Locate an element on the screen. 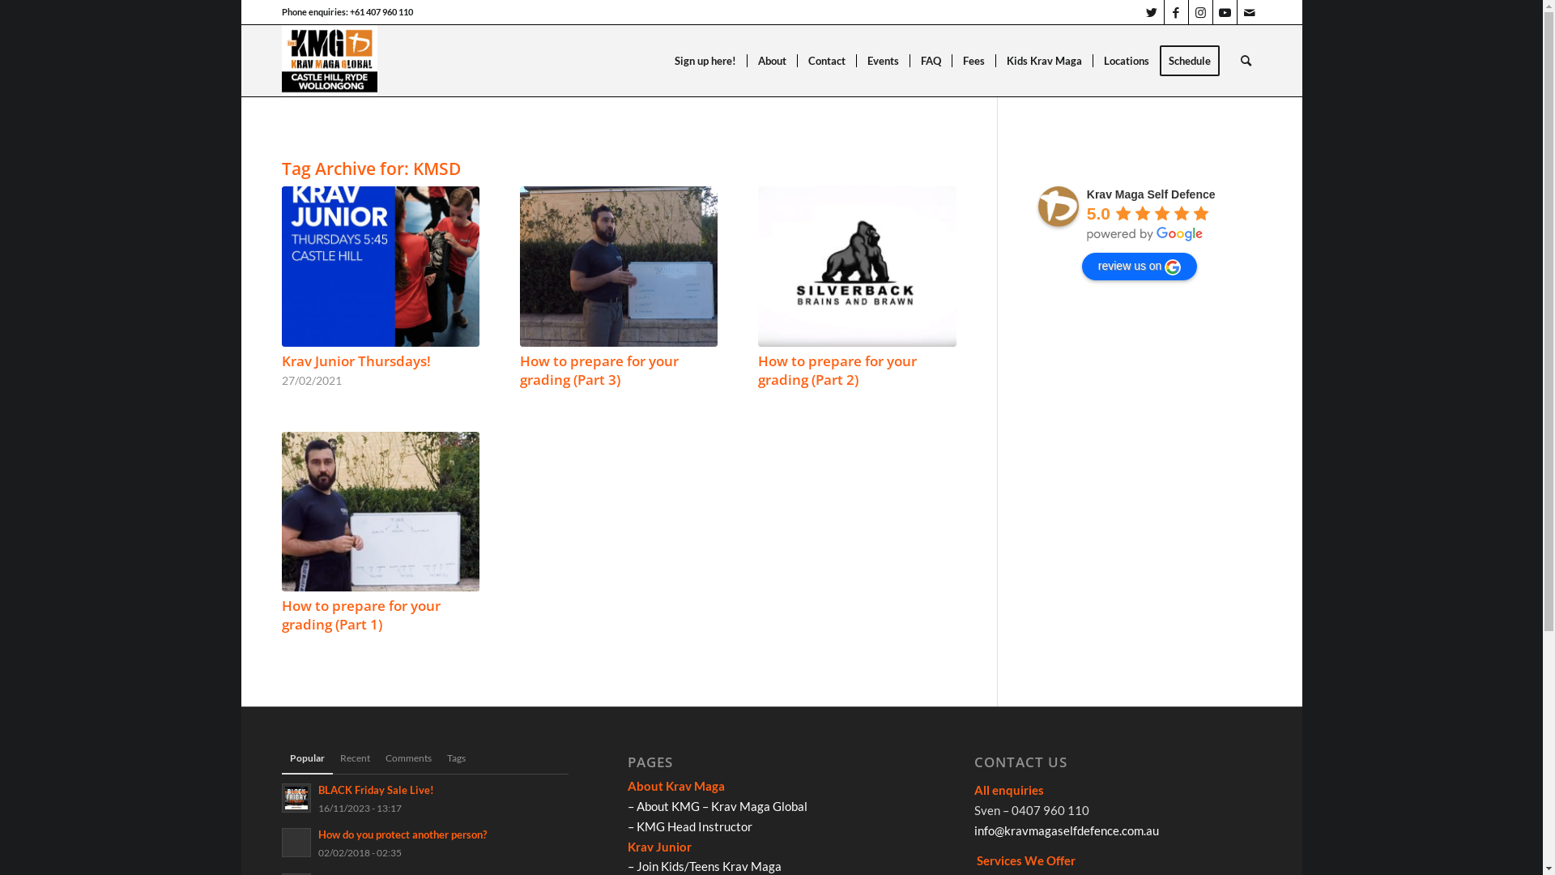 This screenshot has width=1555, height=875. 'Youtube' is located at coordinates (1225, 12).